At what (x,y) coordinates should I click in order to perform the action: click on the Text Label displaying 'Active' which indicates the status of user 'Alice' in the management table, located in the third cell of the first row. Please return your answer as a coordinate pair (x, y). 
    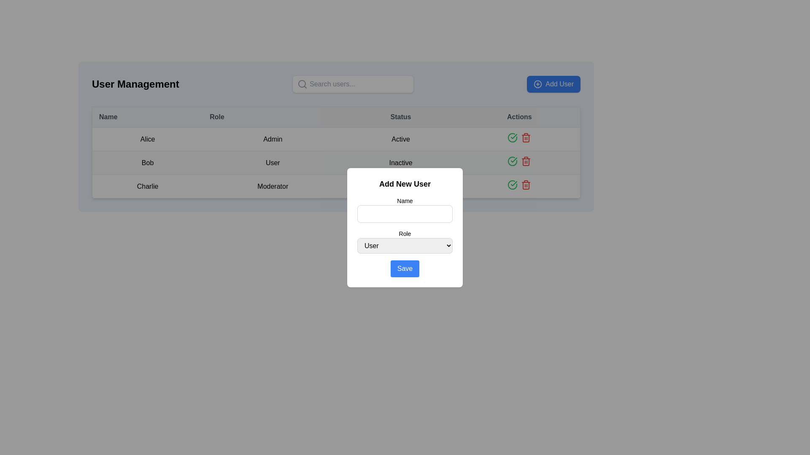
    Looking at the image, I should click on (400, 139).